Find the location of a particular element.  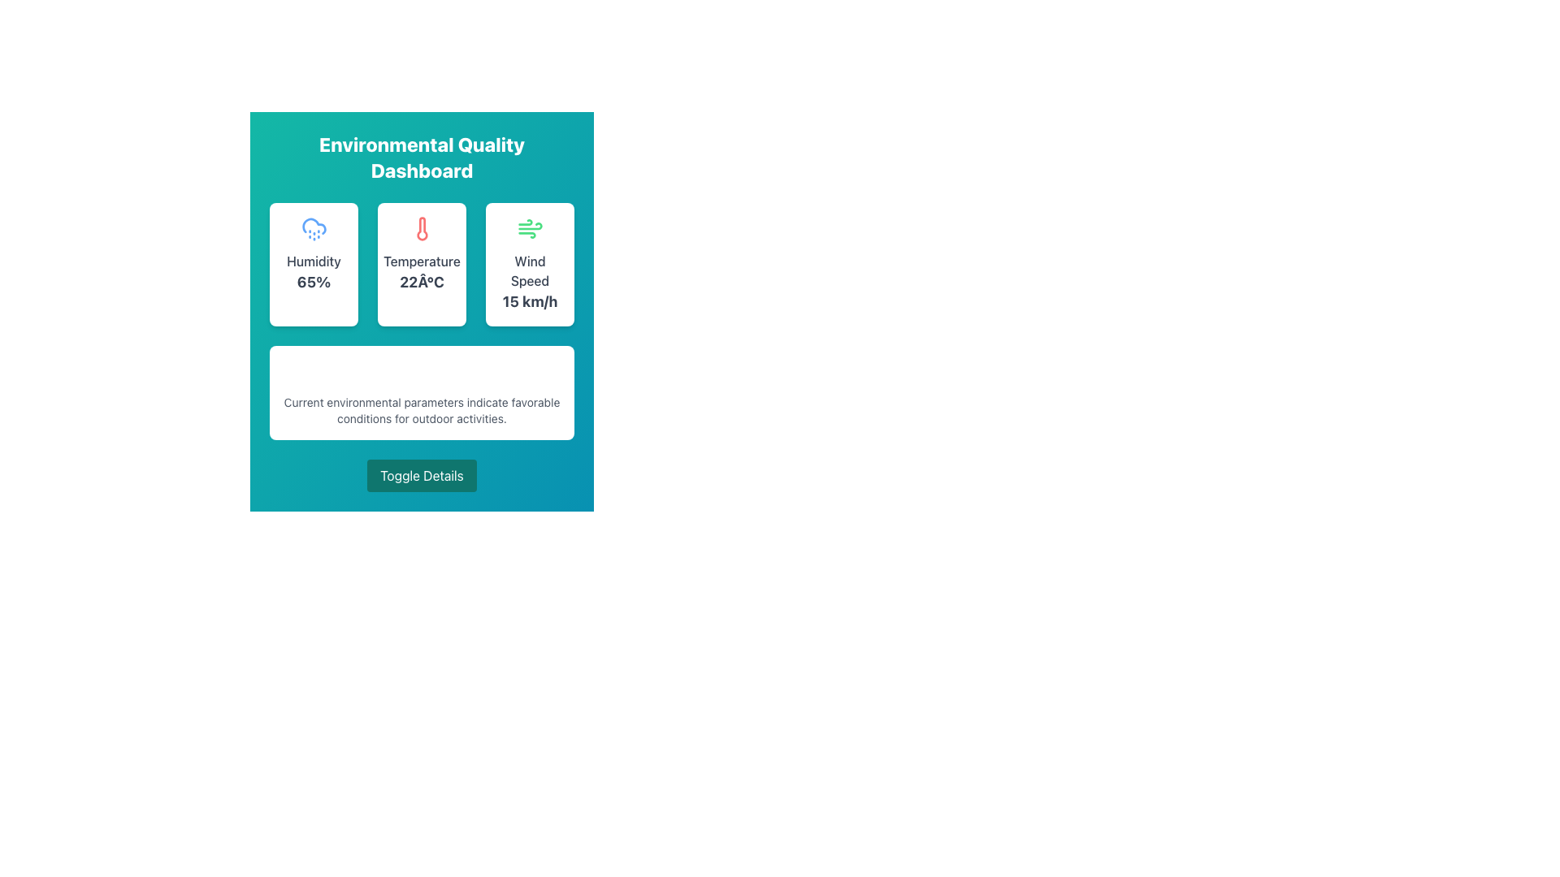

the 'Wind Speed' text label, which is a medium-weight textual label within the wind speed information card, positioned in the top-right section of the interface is located at coordinates (530, 270).